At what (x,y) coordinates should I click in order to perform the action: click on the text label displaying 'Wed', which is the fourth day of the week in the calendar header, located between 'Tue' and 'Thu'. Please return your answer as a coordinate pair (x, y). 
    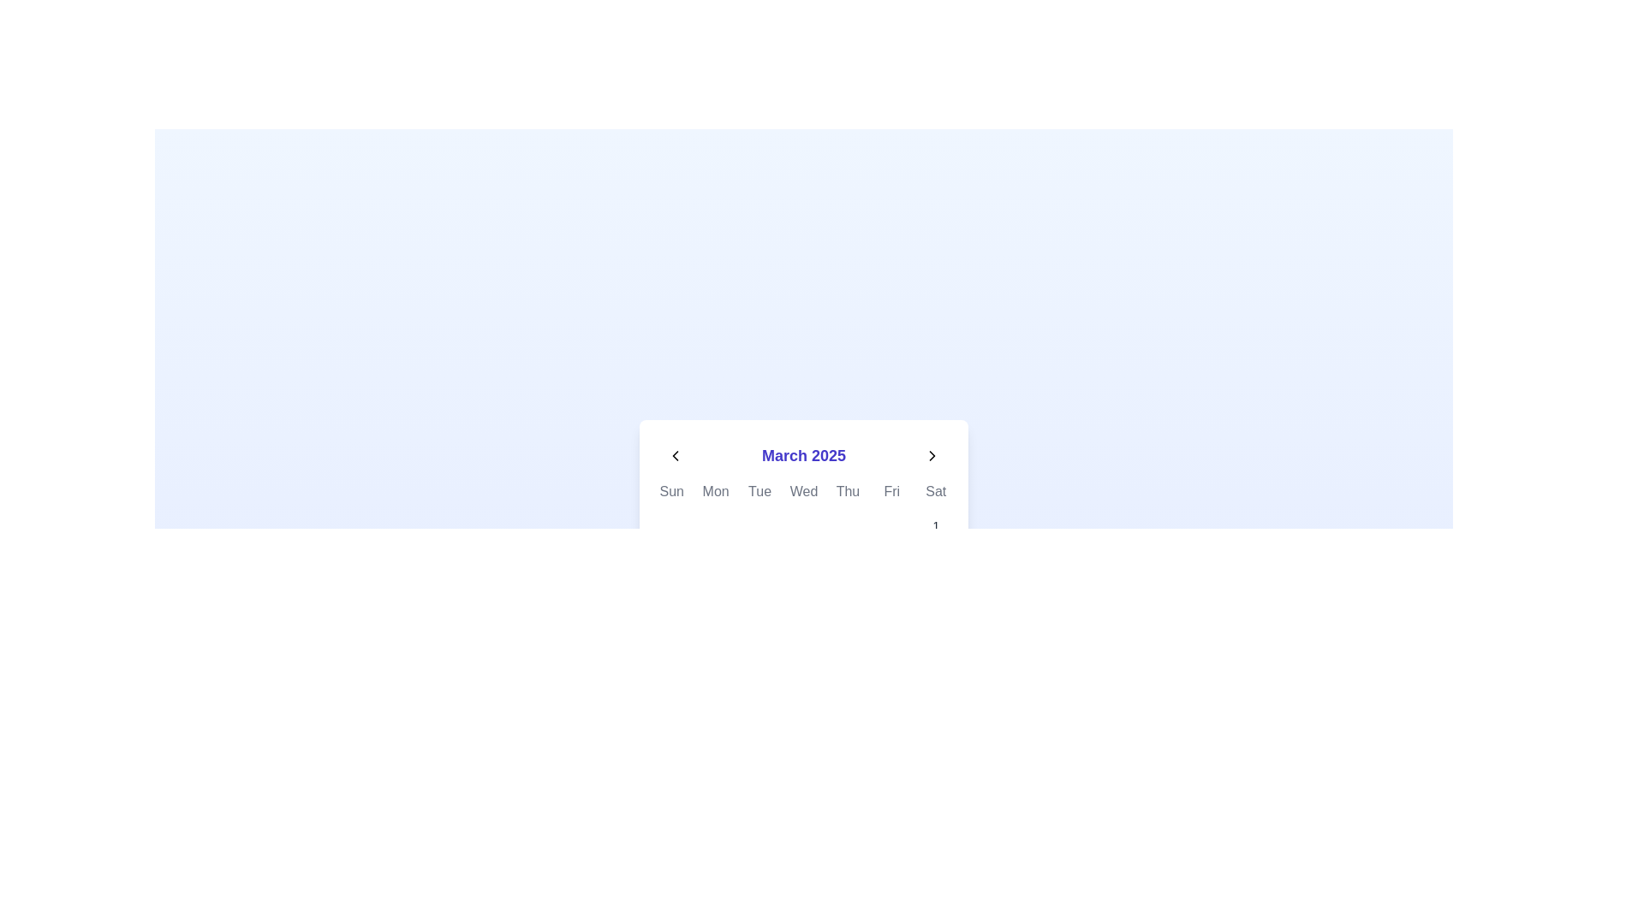
    Looking at the image, I should click on (803, 491).